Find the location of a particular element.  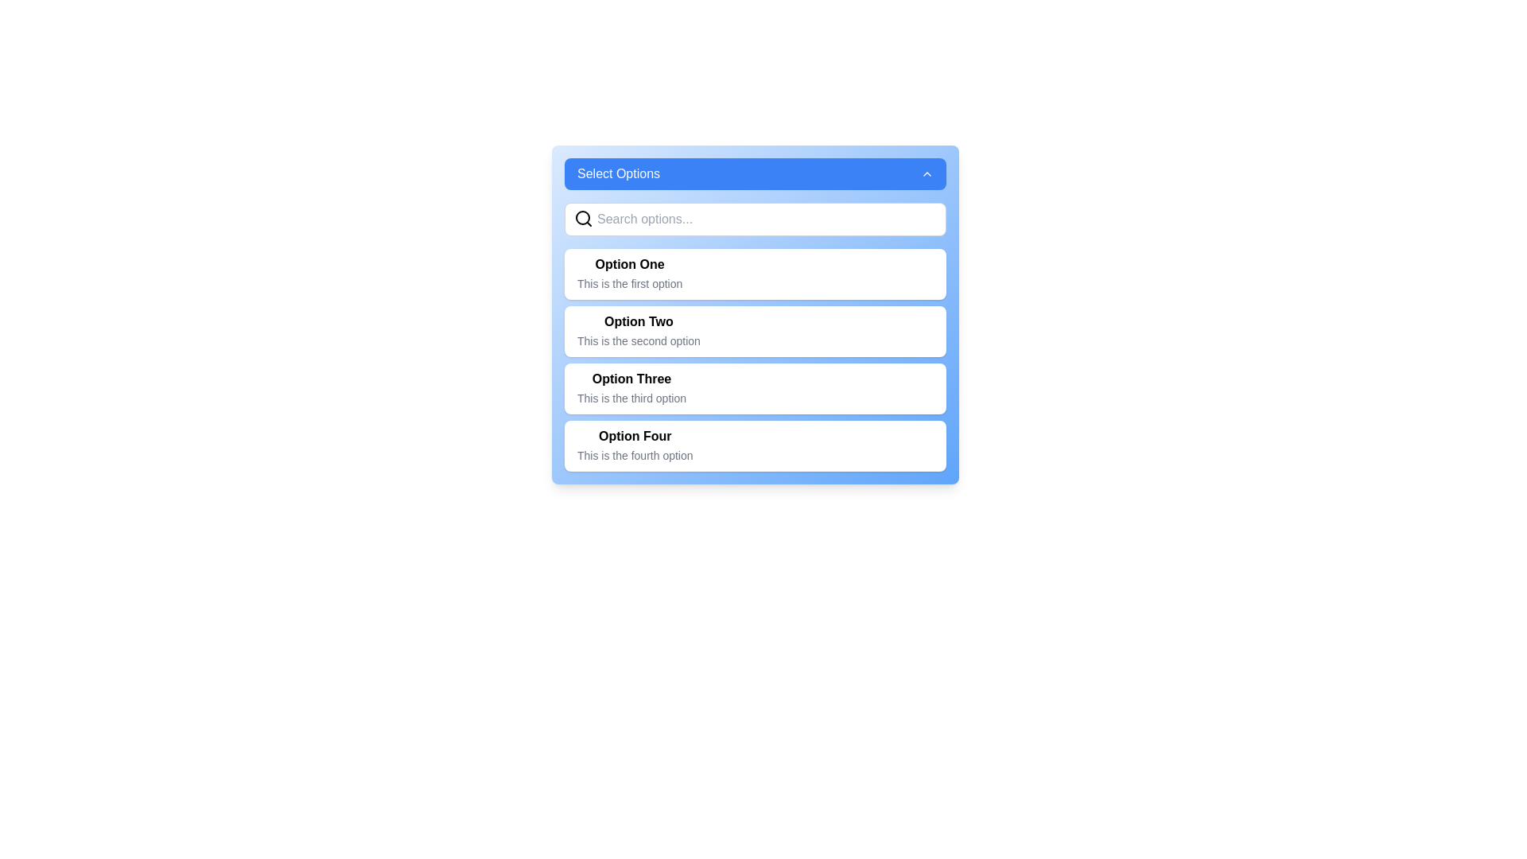

the text label element reading 'Option Three' is located at coordinates (631, 379).